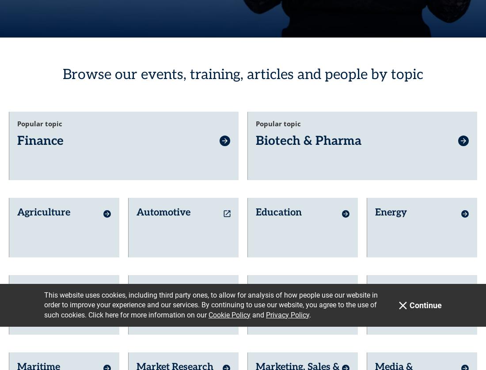 This screenshot has width=486, height=370. Describe the element at coordinates (175, 265) in the screenshot. I see `'Market Research'` at that location.